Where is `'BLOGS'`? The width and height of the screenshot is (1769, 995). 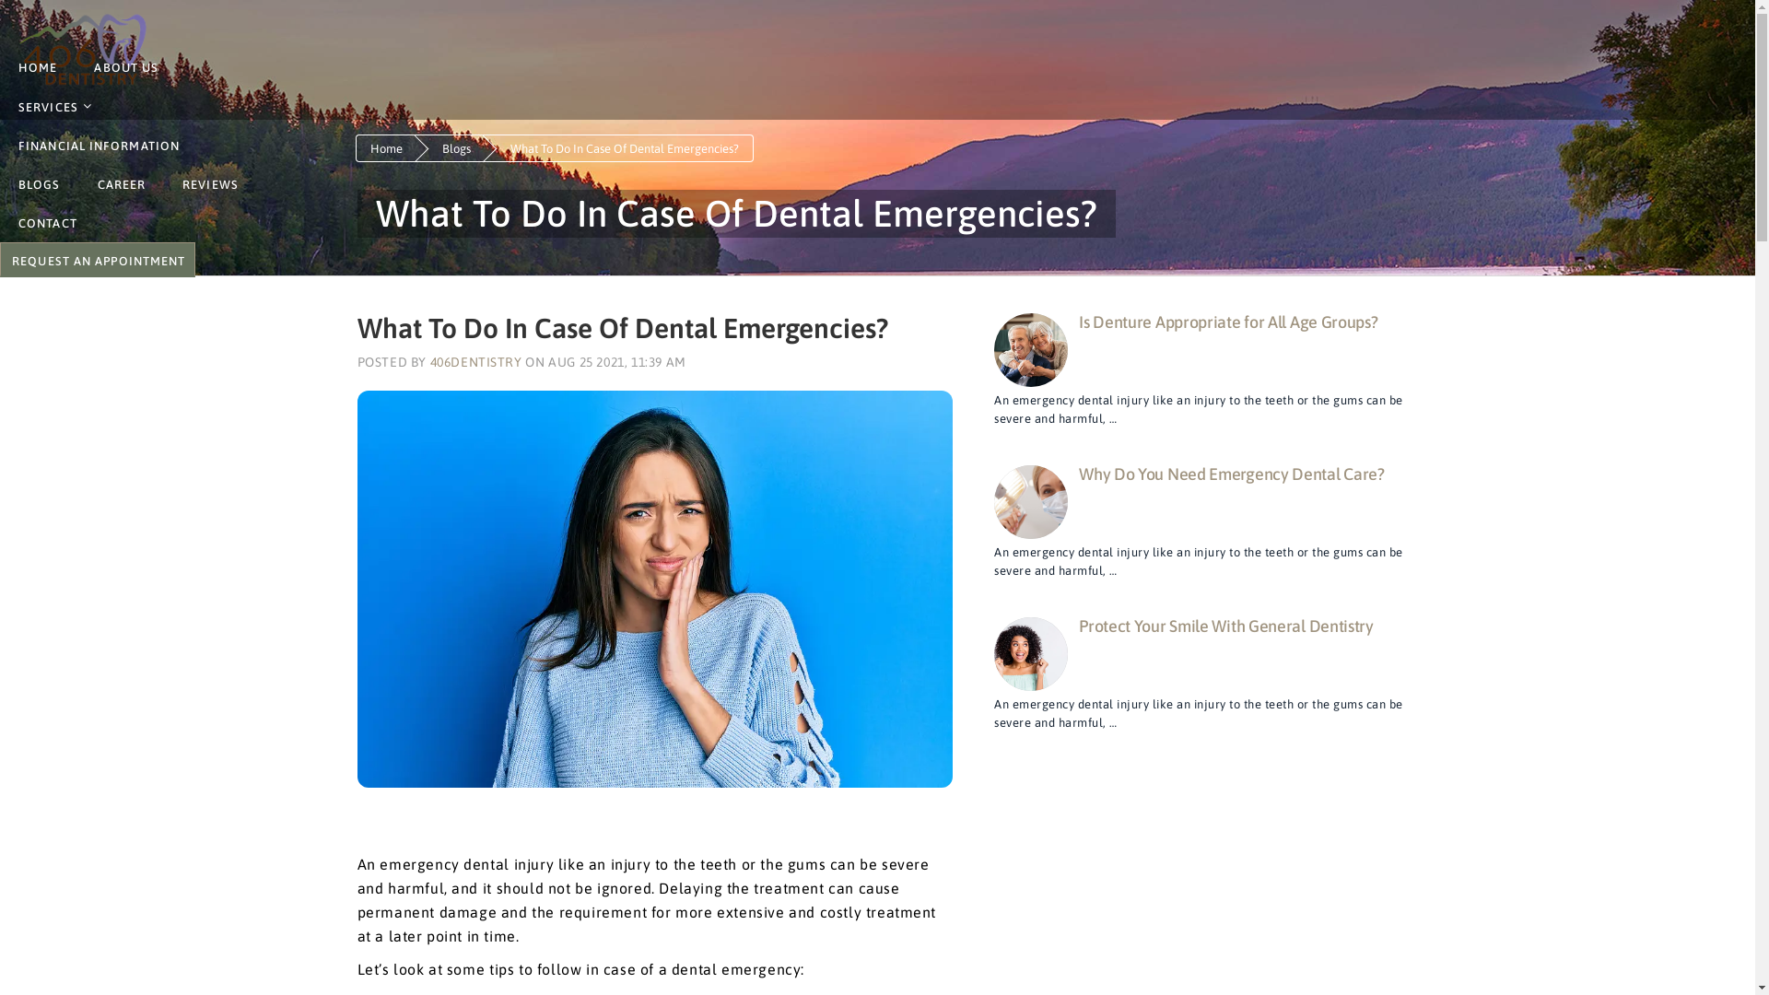
'BLOGS' is located at coordinates (0, 184).